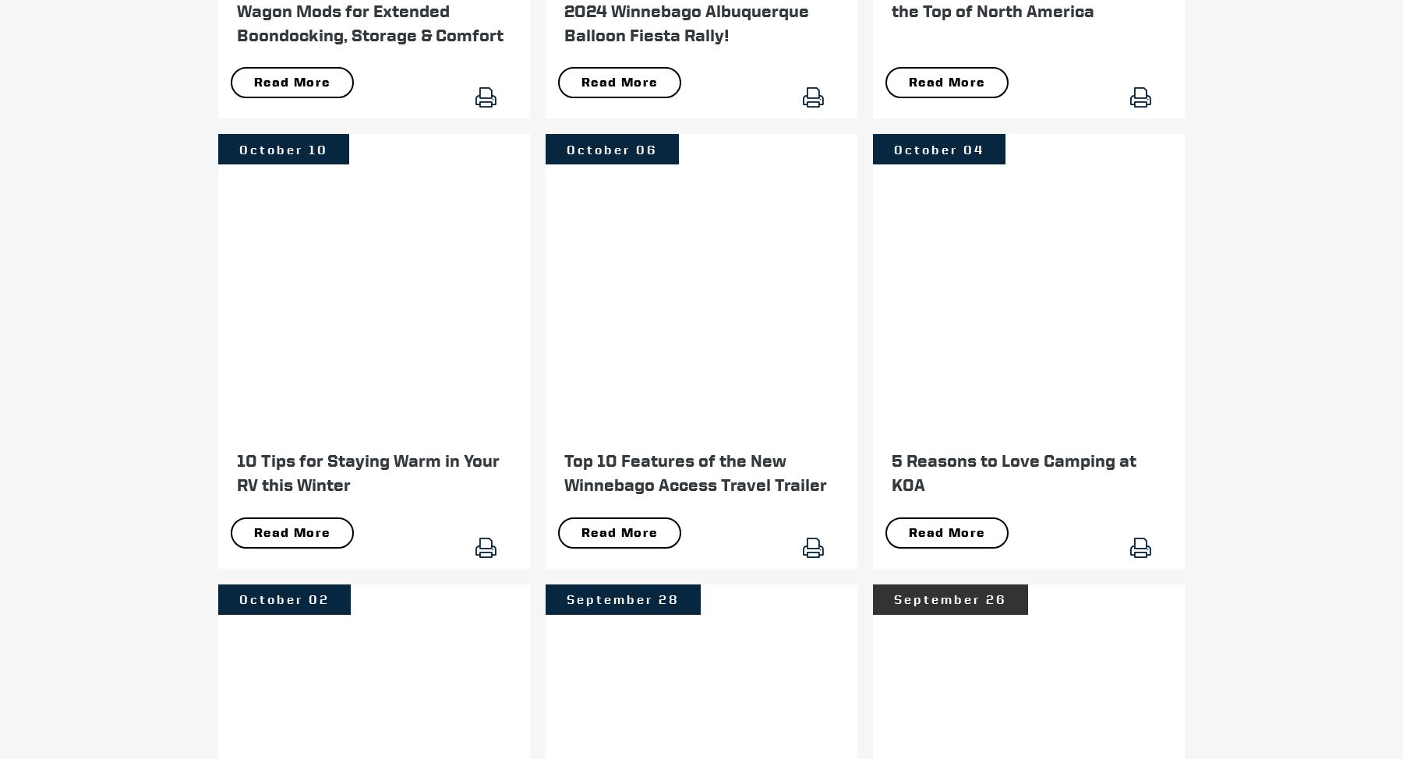 The image size is (1403, 759). What do you see at coordinates (367, 471) in the screenshot?
I see `'10 Tips for Staying Warm in Your RV this Winter'` at bounding box center [367, 471].